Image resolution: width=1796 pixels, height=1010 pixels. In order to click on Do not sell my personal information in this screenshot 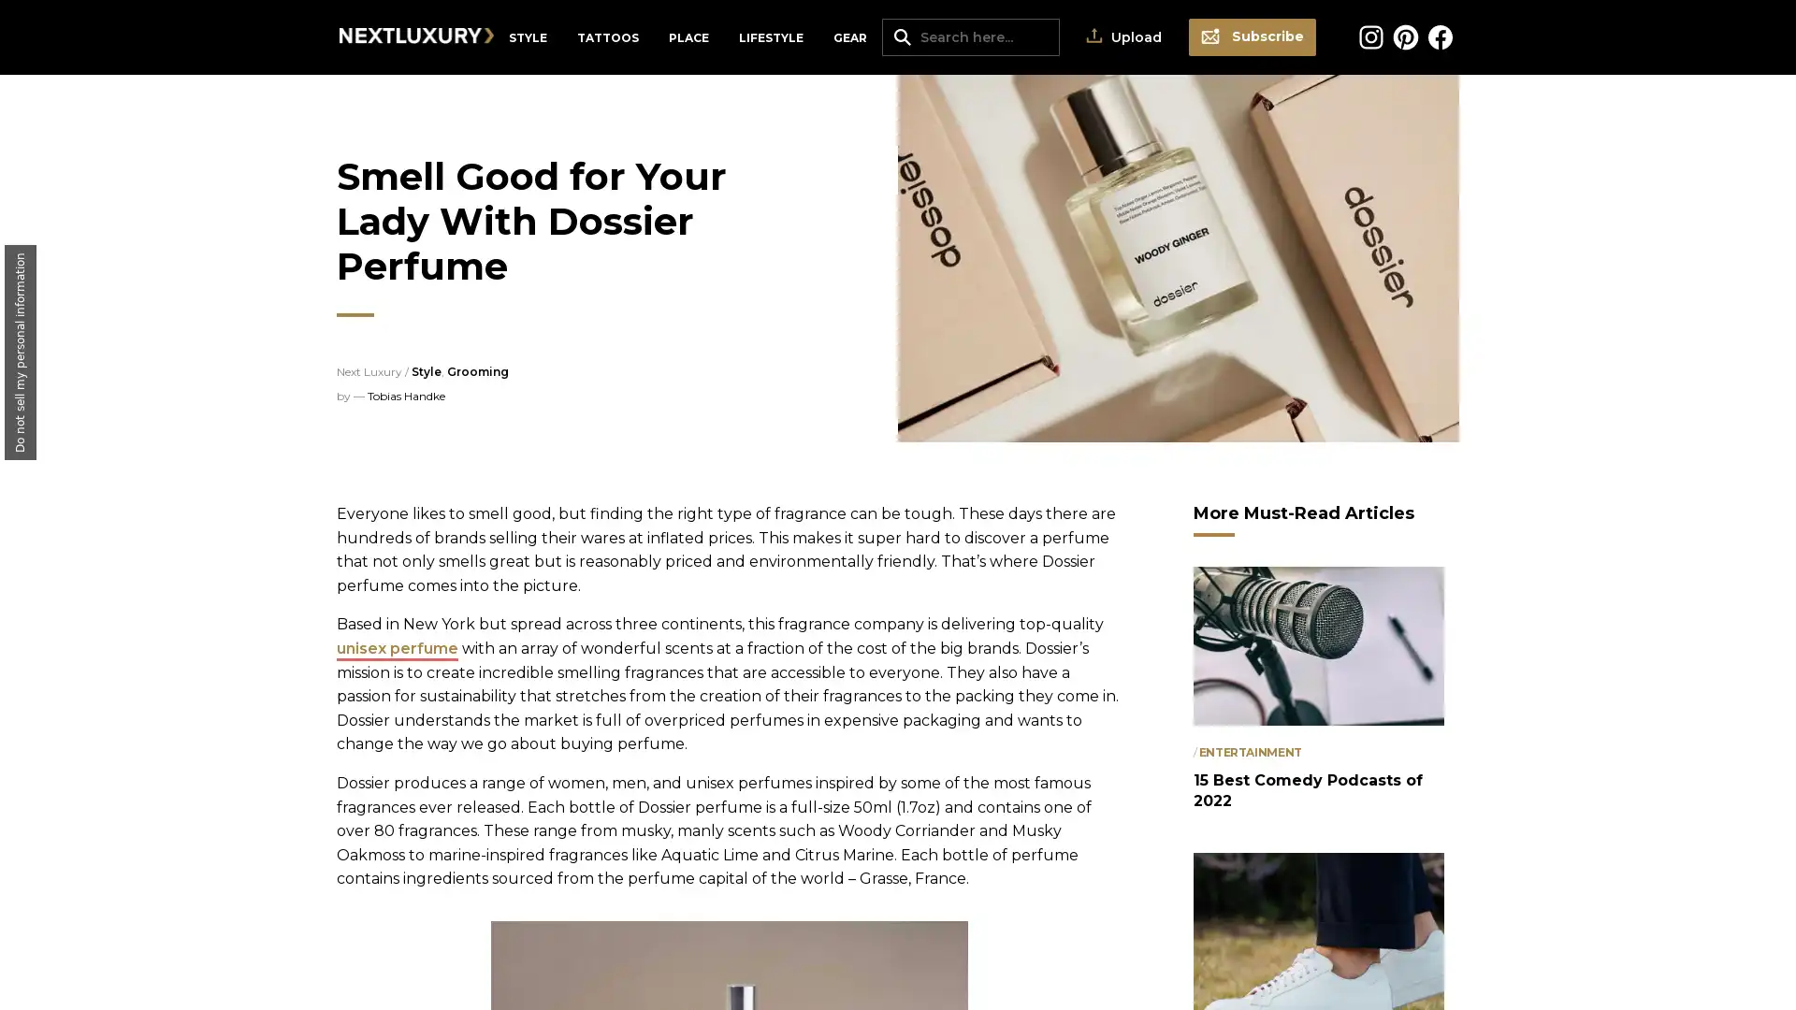, I will do `click(21, 353)`.